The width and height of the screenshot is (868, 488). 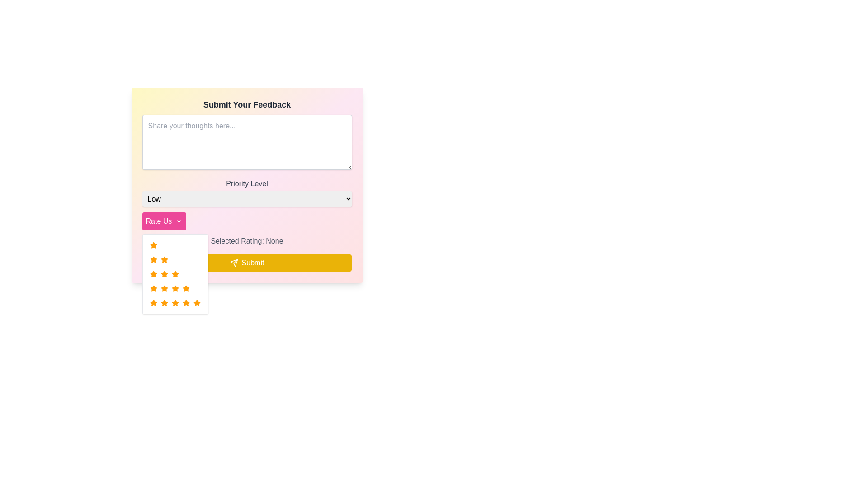 What do you see at coordinates (153, 245) in the screenshot?
I see `the first star icon` at bounding box center [153, 245].